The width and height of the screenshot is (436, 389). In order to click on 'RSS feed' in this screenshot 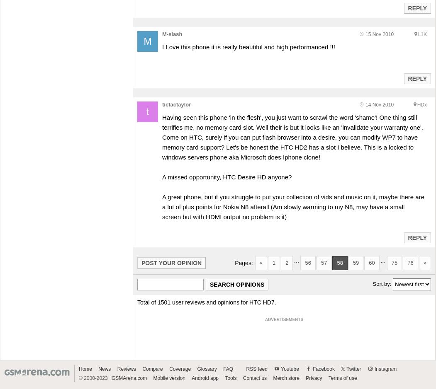, I will do `click(256, 369)`.